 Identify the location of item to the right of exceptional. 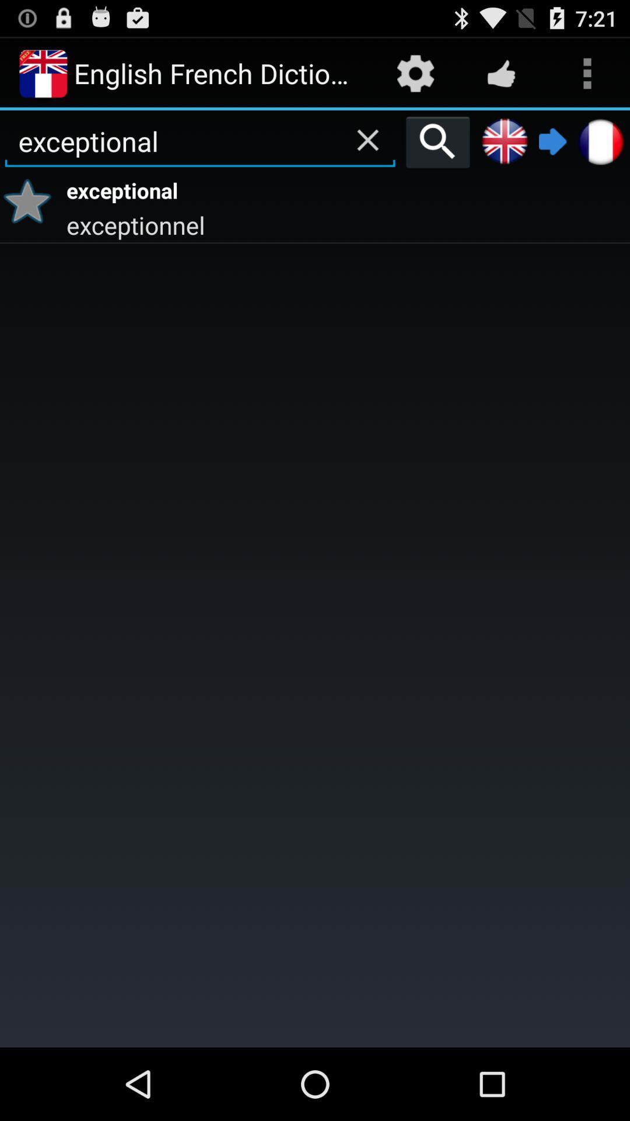
(437, 141).